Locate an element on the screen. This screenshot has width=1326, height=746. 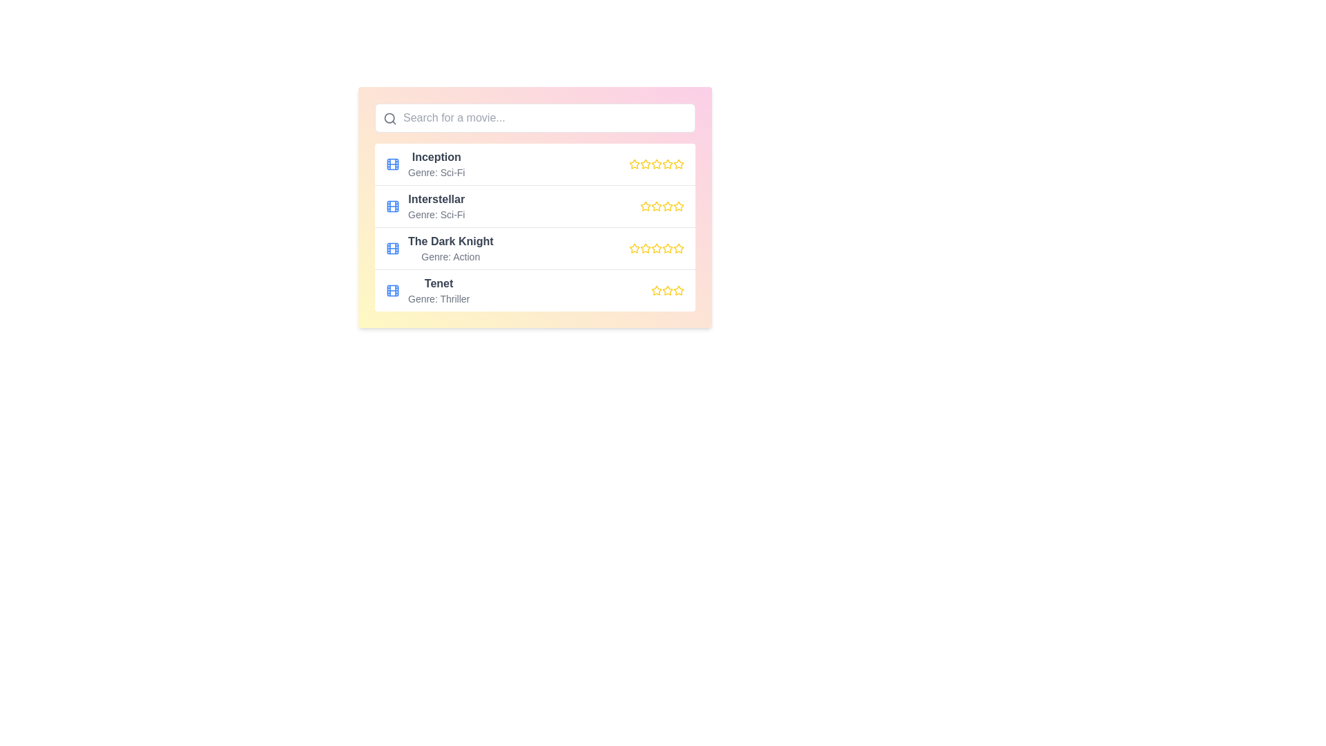
the fifth star icon styled in yellow, which represents the rating for the movie 'Interstellar', located on the second row of the rating stars is located at coordinates (667, 207).